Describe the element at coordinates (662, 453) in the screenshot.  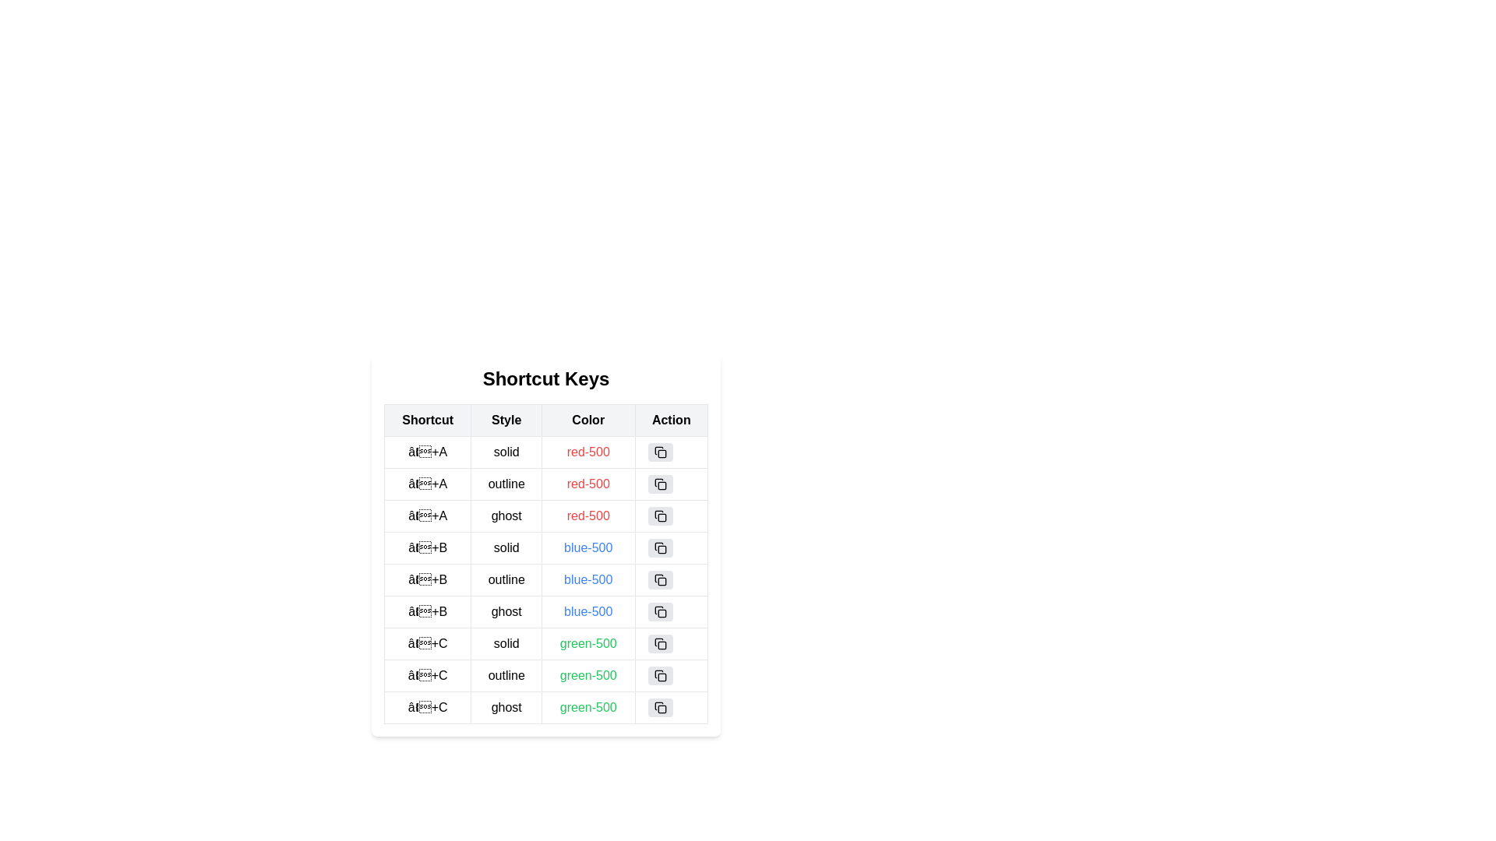
I see `the small rectangular shape with rounded corners located within the top-right copy icon in the 'Action' column of the table` at that location.